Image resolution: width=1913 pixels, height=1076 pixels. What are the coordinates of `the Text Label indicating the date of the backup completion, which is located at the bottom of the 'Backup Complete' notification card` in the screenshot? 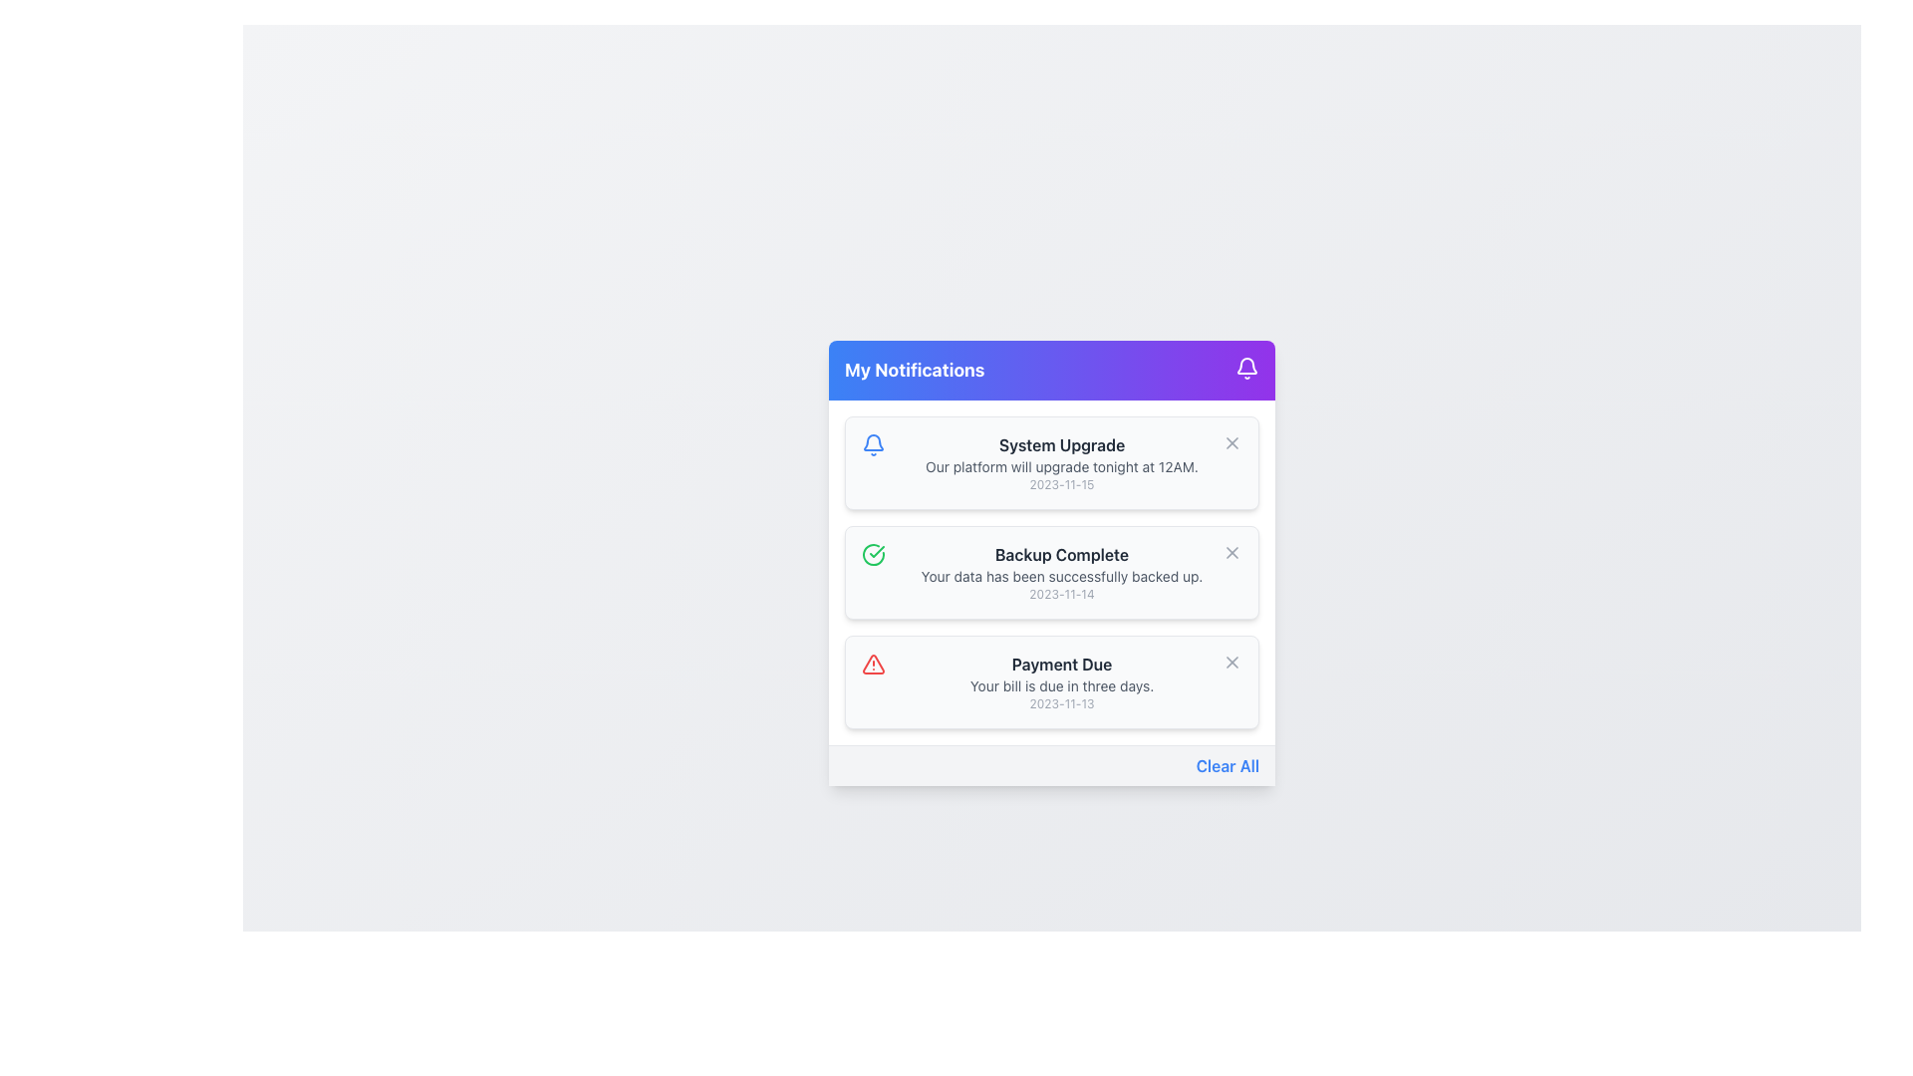 It's located at (1060, 593).